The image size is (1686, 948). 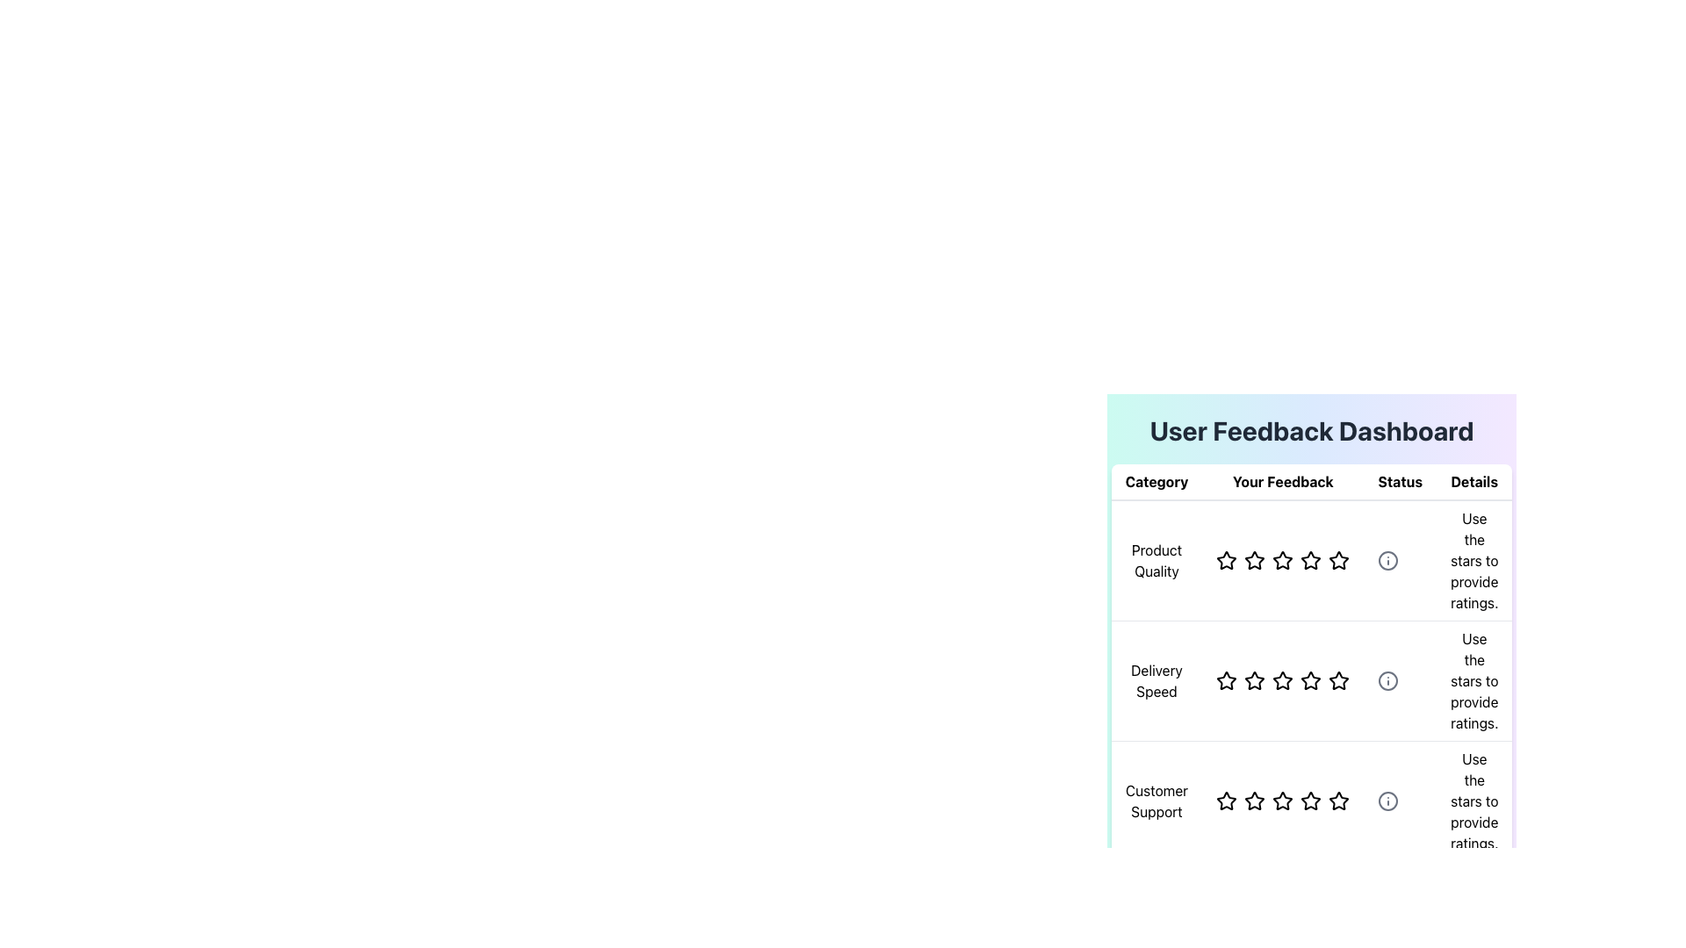 I want to click on the fifth star in the 'Delivery Speed' row under the 'Your Feedback' column, so click(x=1338, y=679).